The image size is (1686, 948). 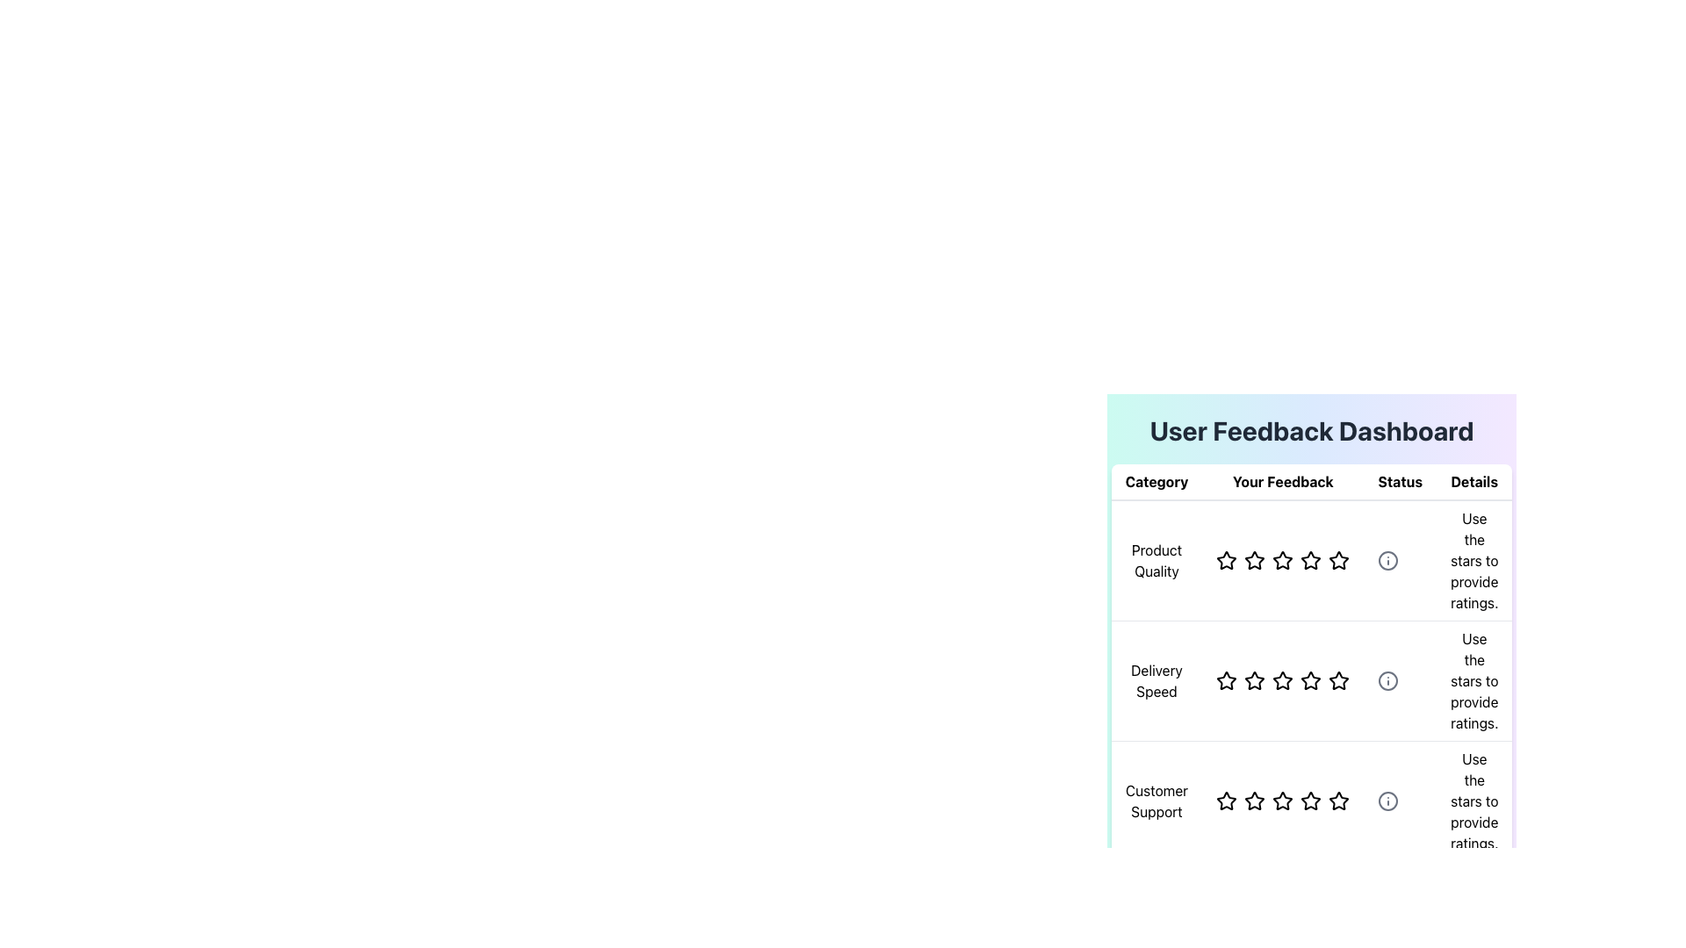 I want to click on the fifth star in the 'Delivery Speed' row under the 'Your Feedback' column, so click(x=1338, y=679).